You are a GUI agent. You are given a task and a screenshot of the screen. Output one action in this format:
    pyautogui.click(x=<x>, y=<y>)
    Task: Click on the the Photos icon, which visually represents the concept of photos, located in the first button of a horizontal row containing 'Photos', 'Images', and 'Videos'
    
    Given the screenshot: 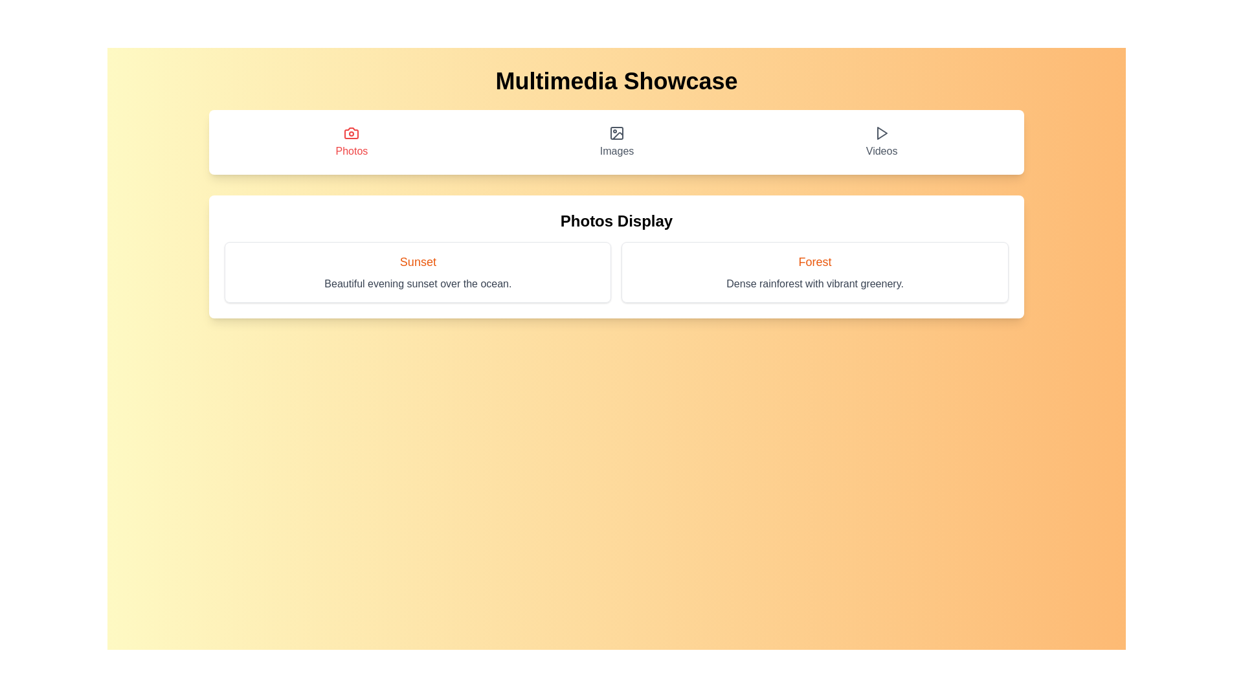 What is the action you would take?
    pyautogui.click(x=352, y=133)
    